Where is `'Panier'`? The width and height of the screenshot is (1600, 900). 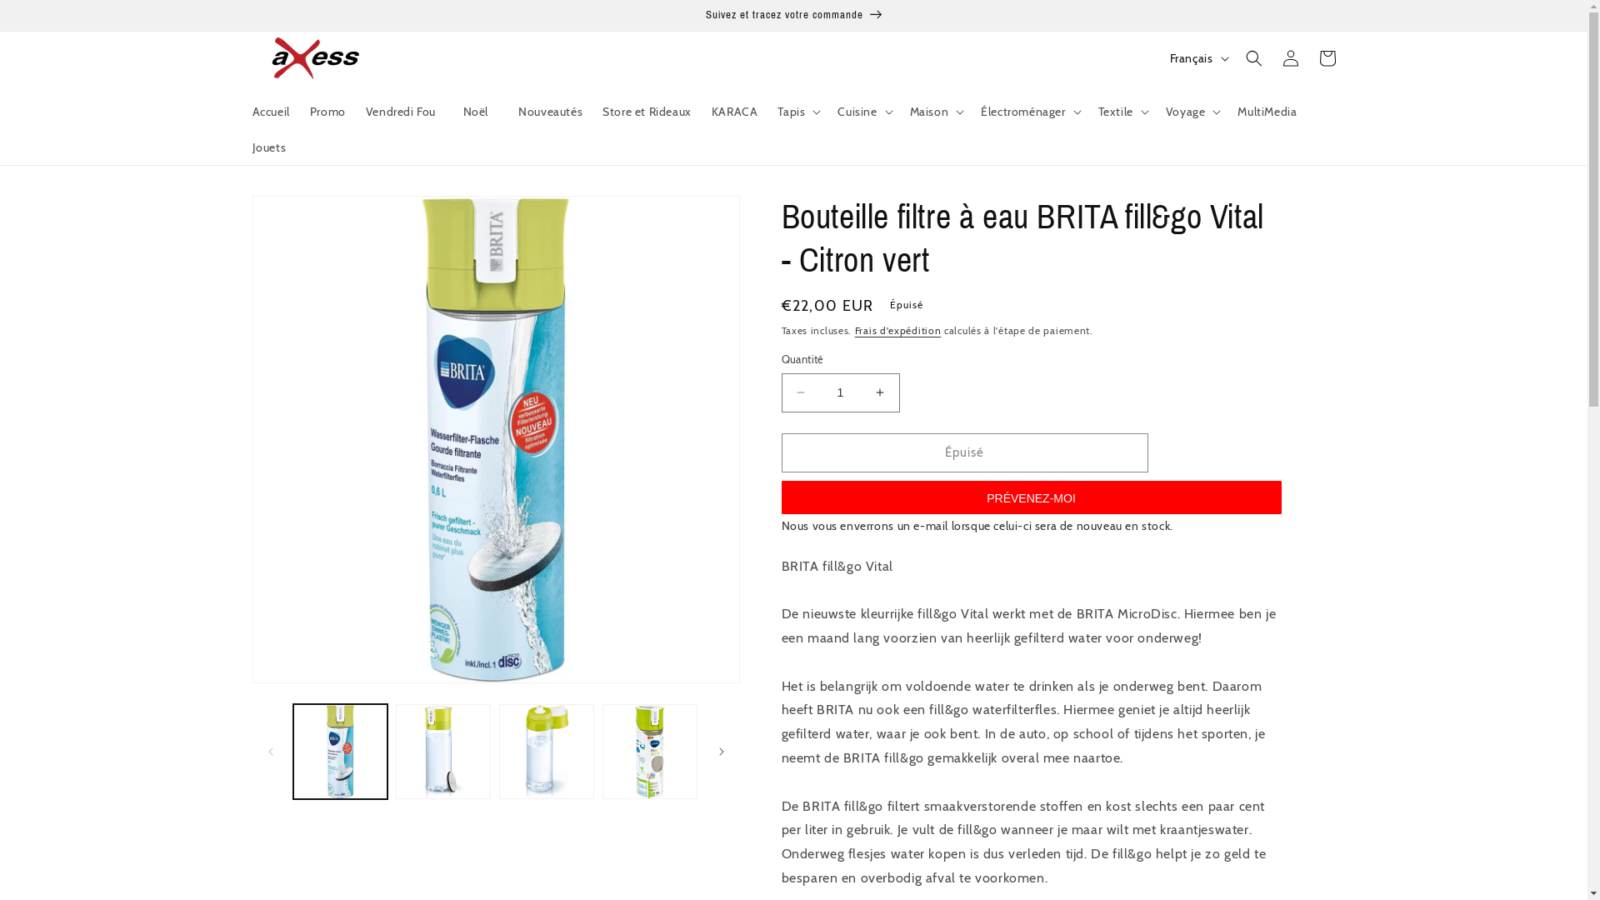 'Panier' is located at coordinates (1326, 57).